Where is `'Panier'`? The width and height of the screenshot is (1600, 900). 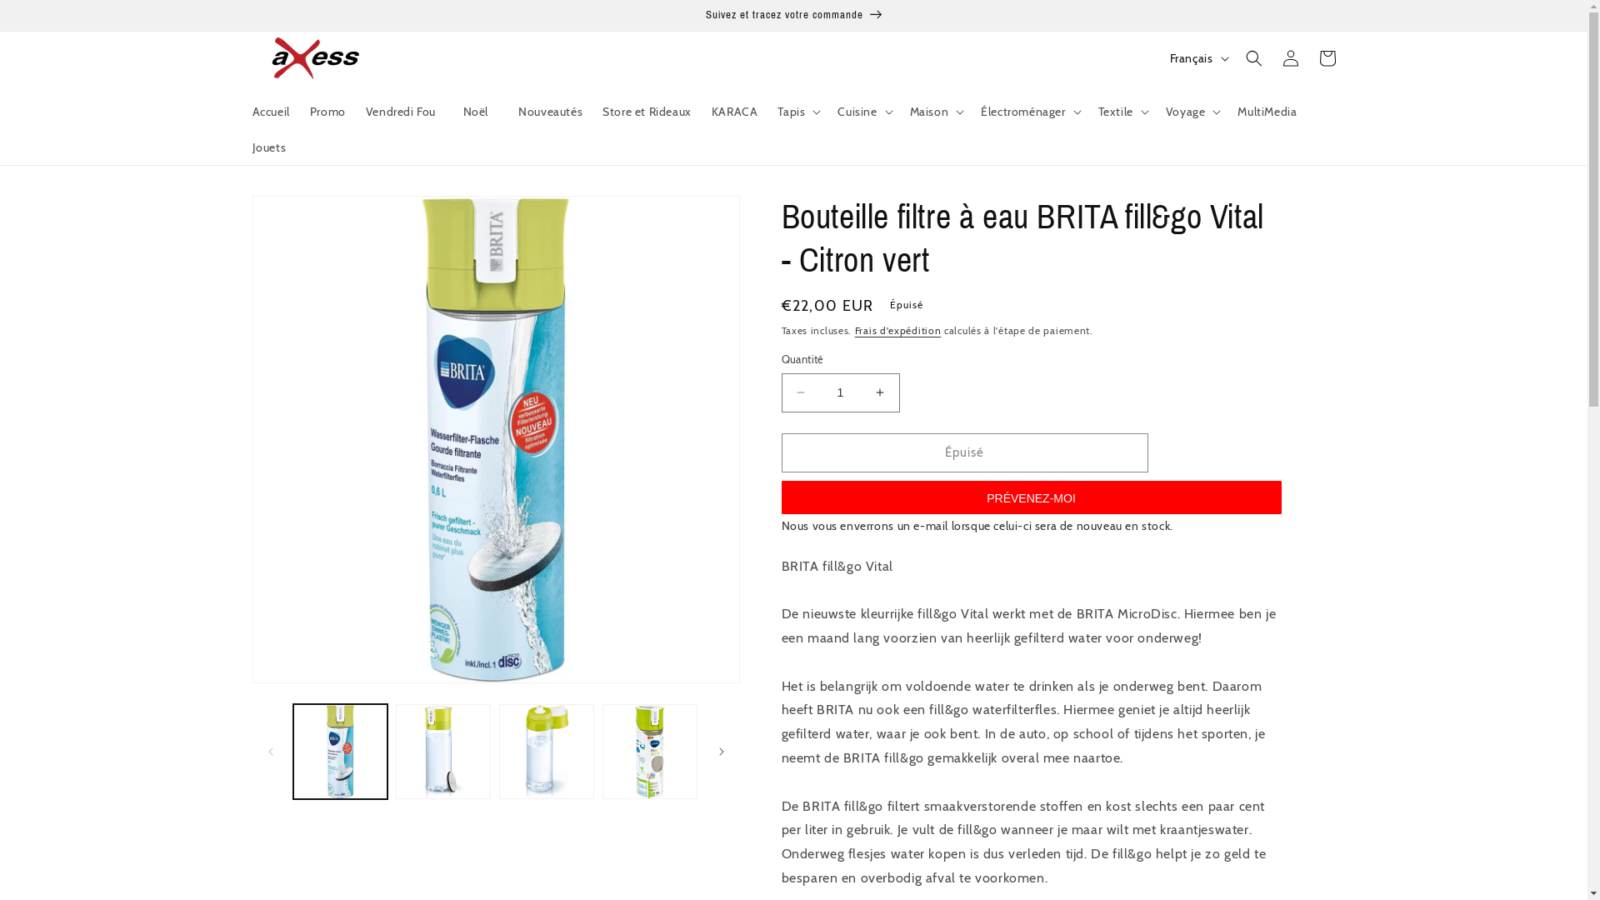 'Panier' is located at coordinates (1326, 57).